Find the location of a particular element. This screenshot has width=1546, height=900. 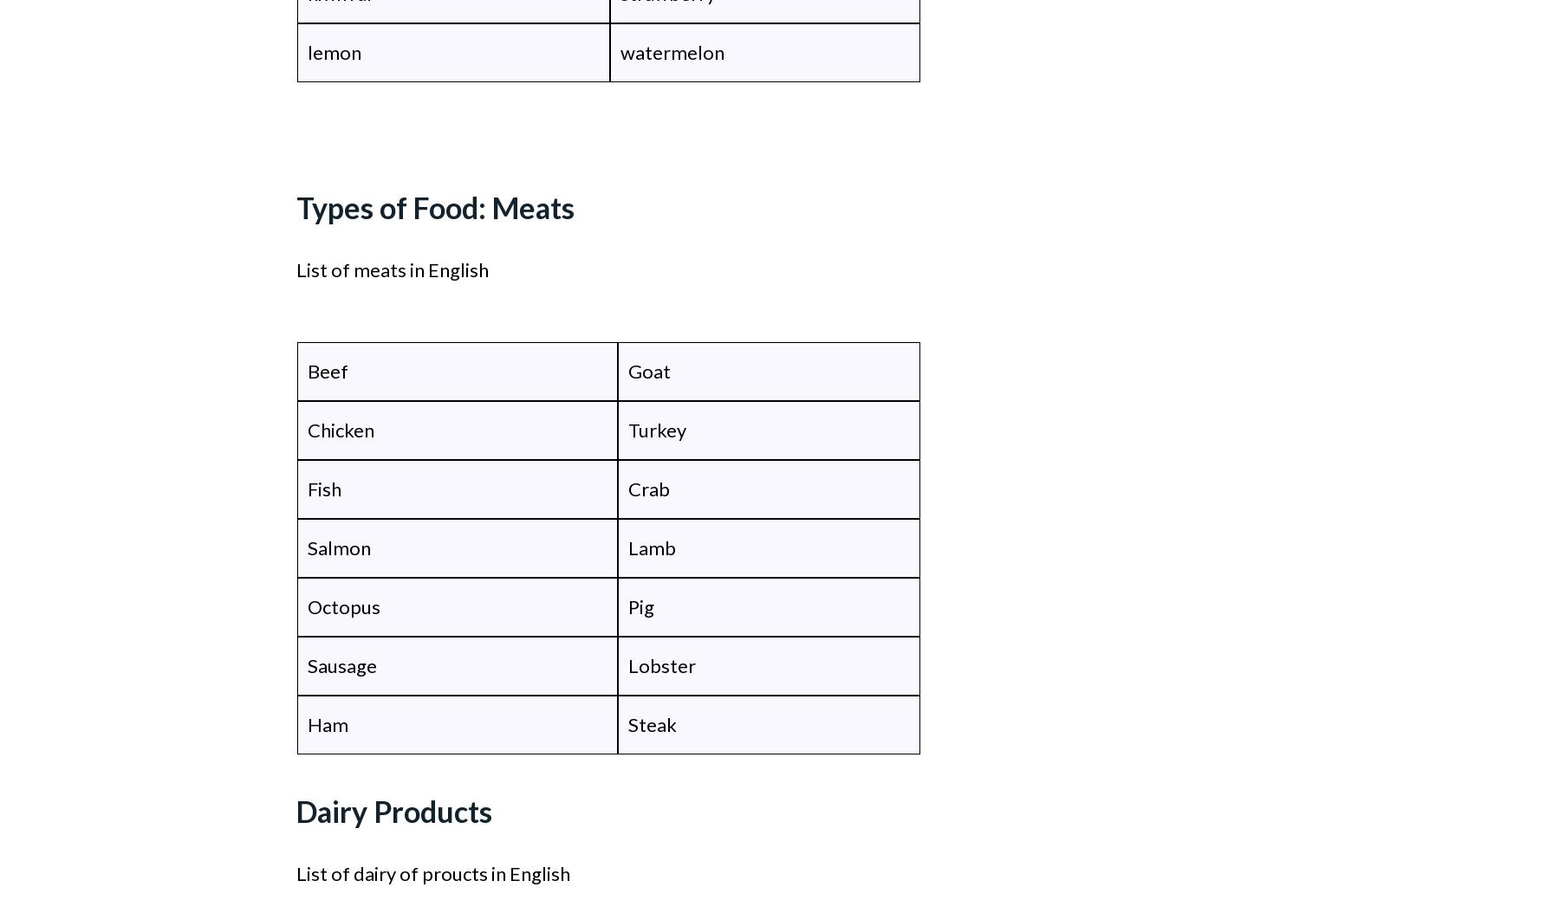

'Types of Food: Meats' is located at coordinates (295, 207).